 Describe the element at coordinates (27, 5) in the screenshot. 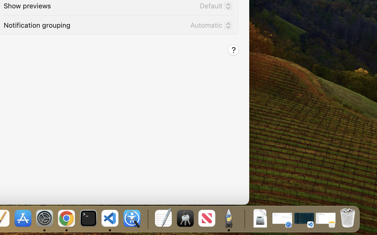

I see `'Show previews'` at that location.